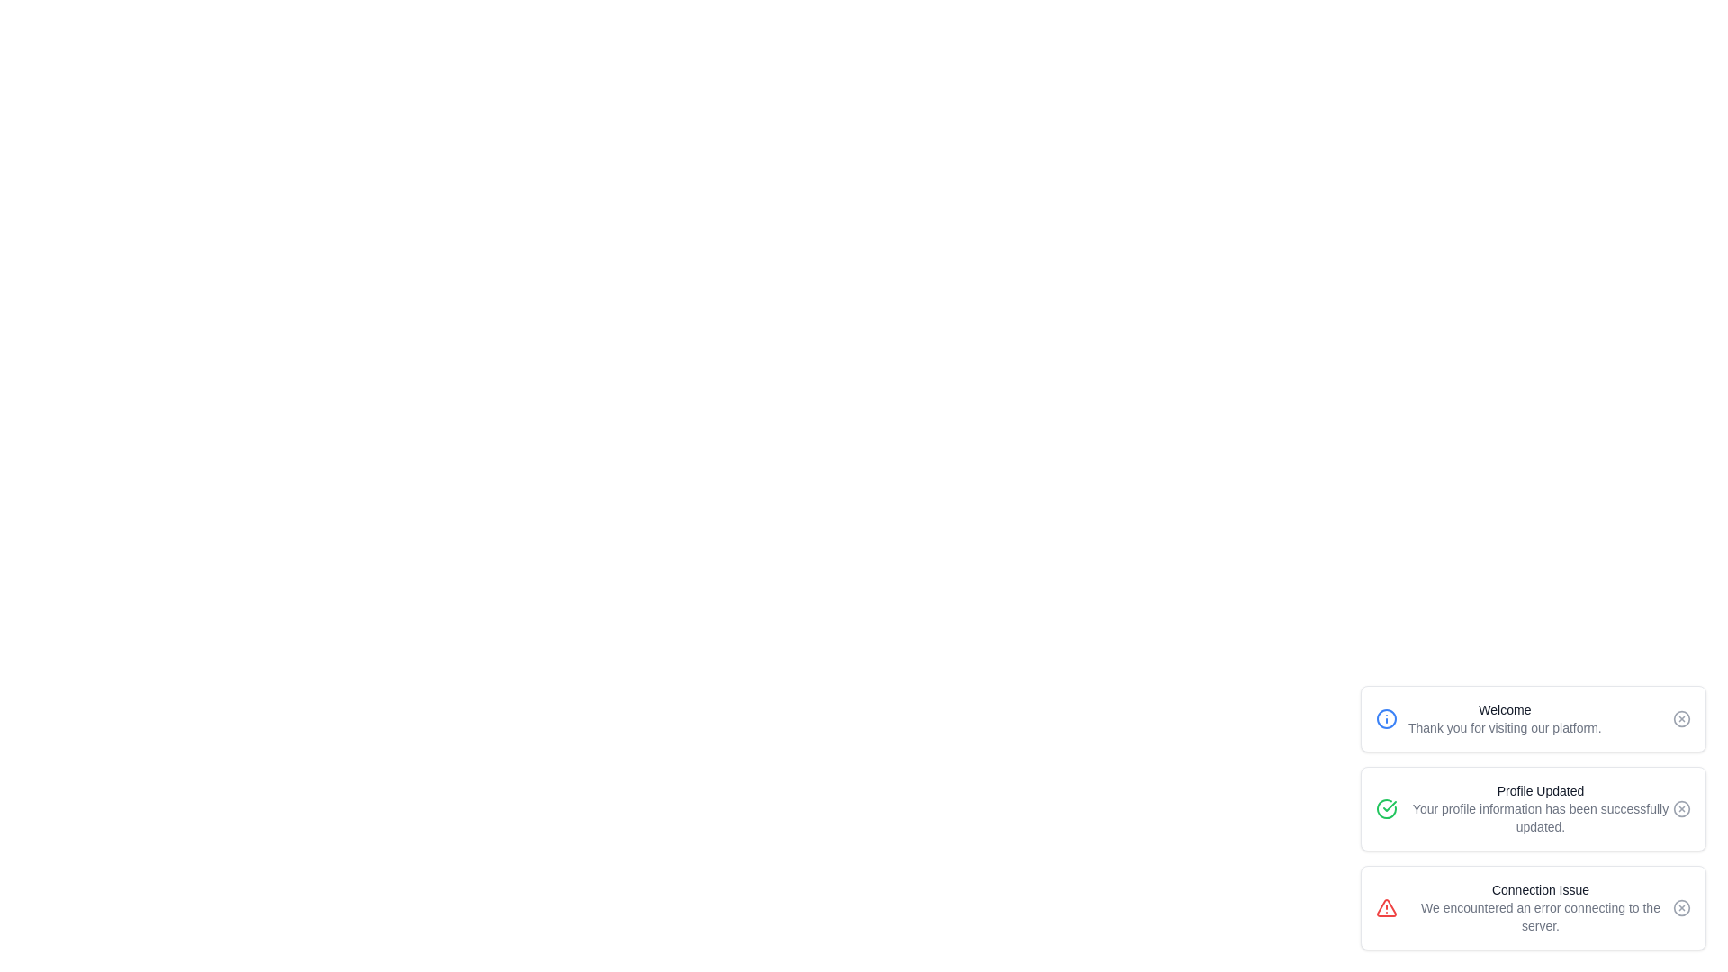  What do you see at coordinates (1533, 908) in the screenshot?
I see `the notification with title Connection Issue to observe style changes` at bounding box center [1533, 908].